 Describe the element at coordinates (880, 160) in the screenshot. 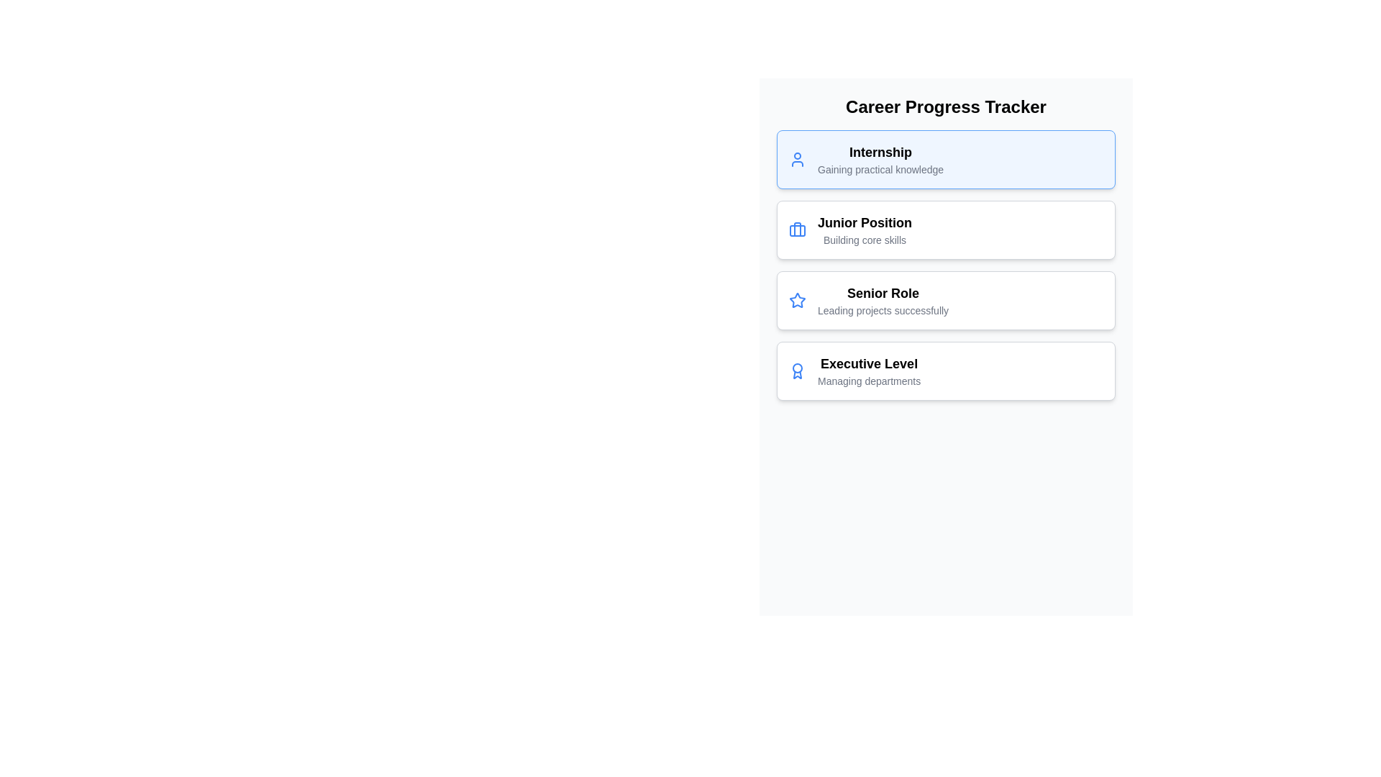

I see `informative text description within the first card labeled 'Internship' in the list of career progression steps` at that location.